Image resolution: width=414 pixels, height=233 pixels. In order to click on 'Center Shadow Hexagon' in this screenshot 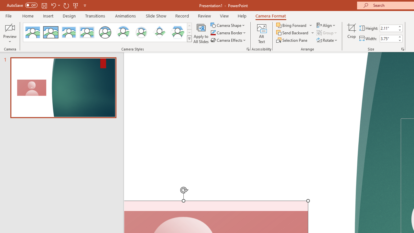, I will do `click(178, 32)`.